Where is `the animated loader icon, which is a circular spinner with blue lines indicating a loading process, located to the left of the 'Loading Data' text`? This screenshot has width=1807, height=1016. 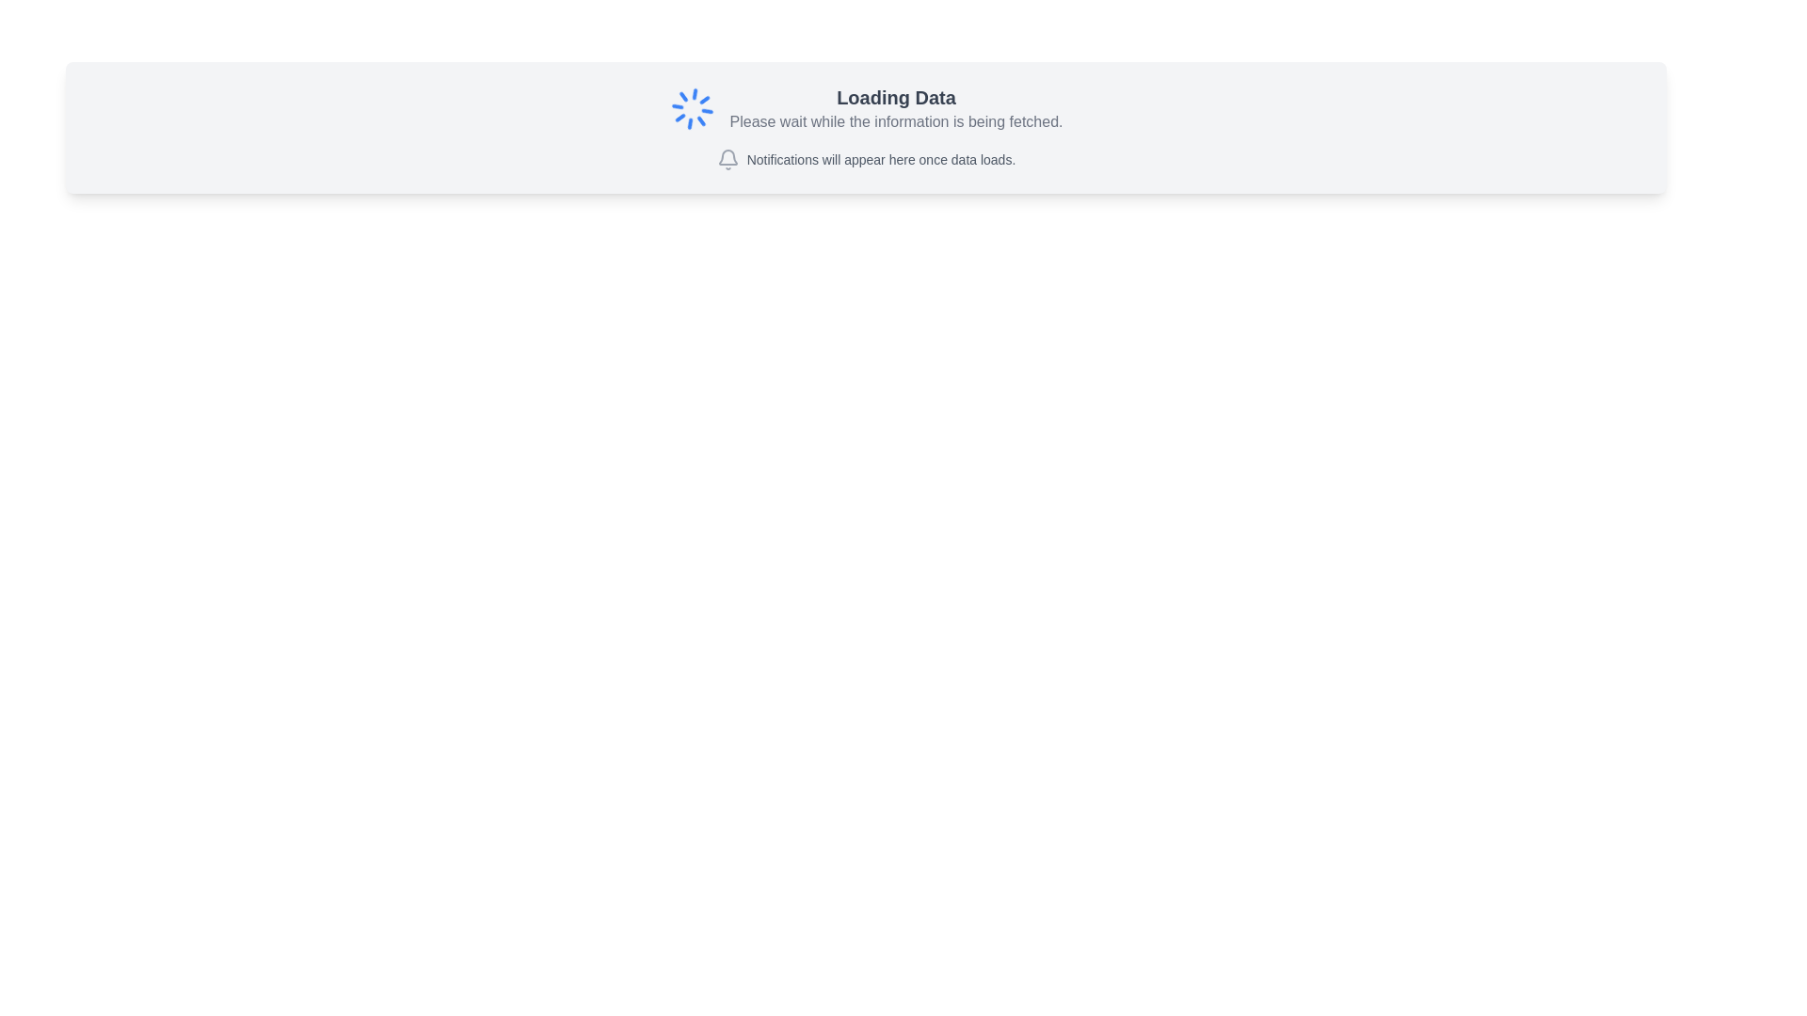
the animated loader icon, which is a circular spinner with blue lines indicating a loading process, located to the left of the 'Loading Data' text is located at coordinates (691, 108).